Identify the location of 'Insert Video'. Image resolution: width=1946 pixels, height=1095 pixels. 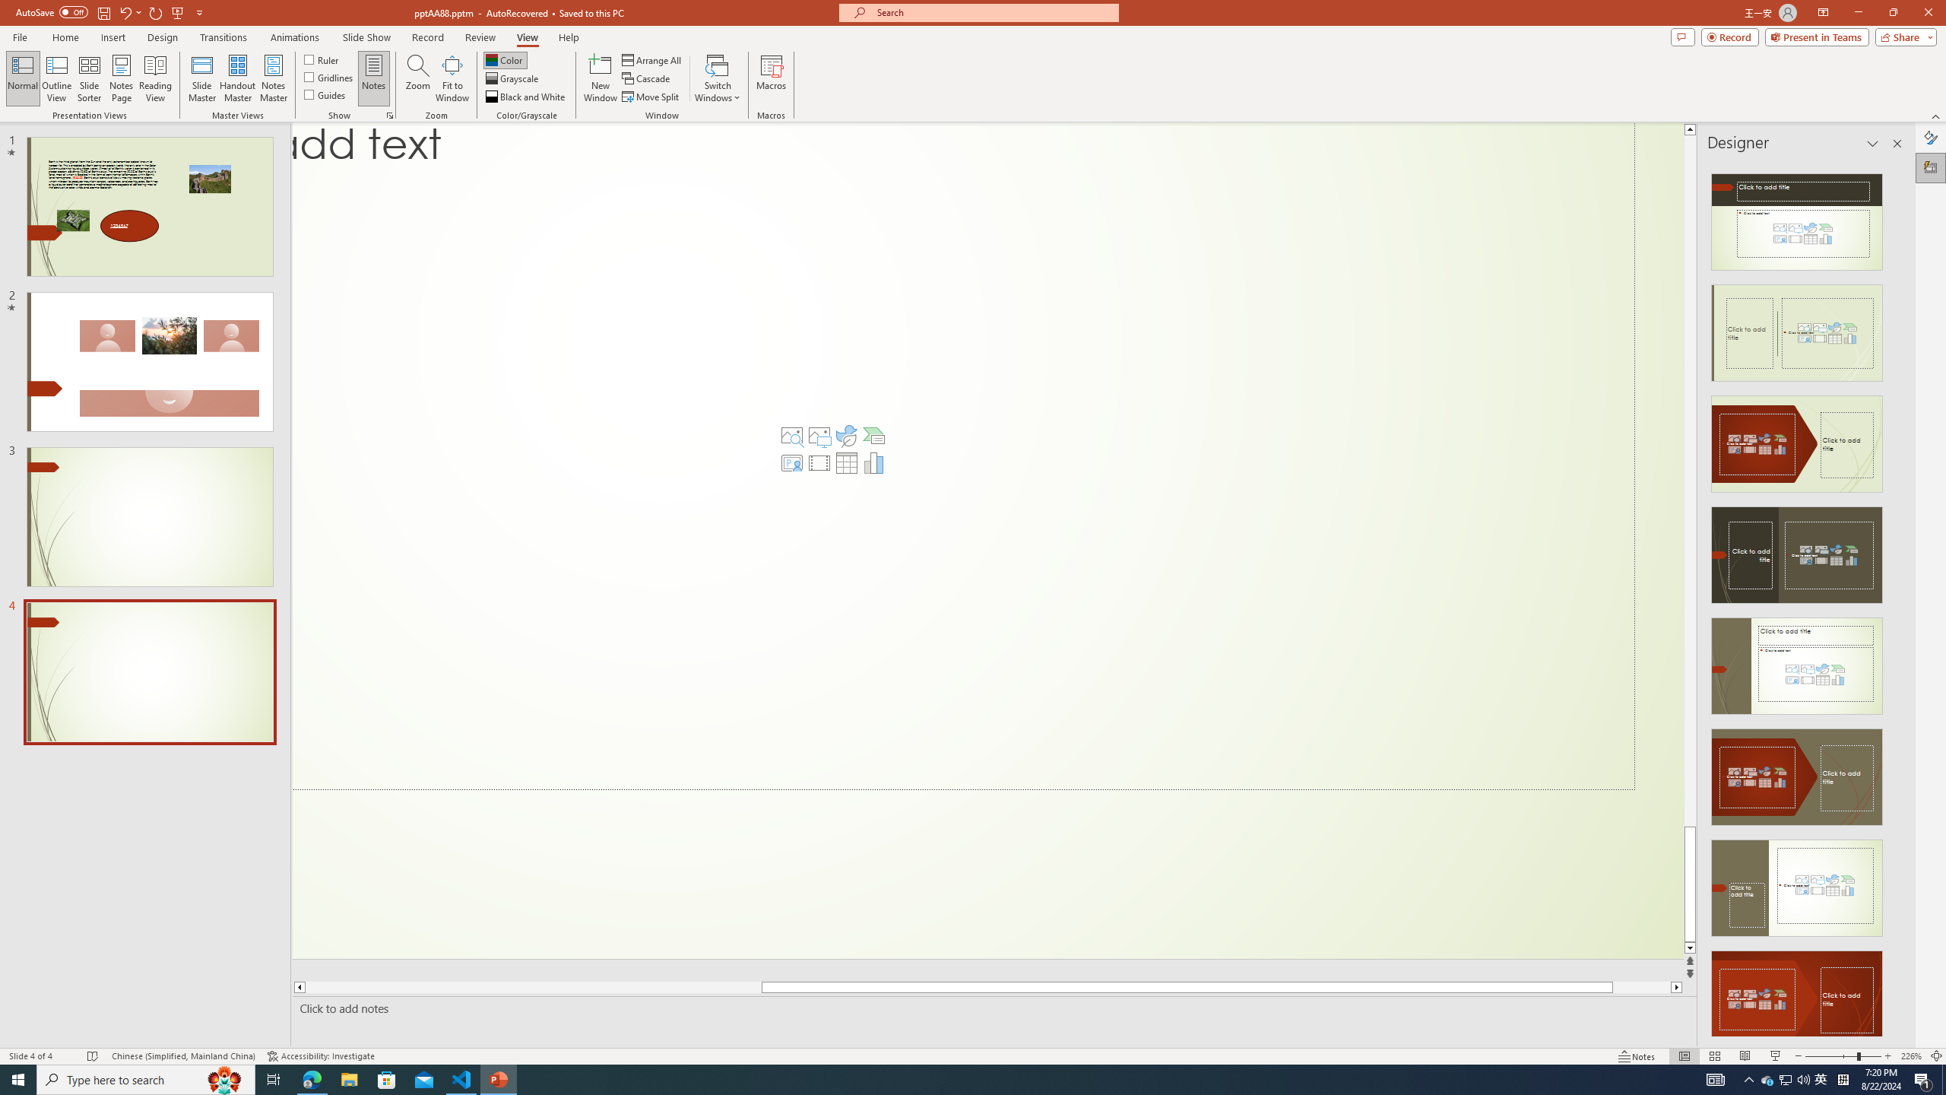
(818, 462).